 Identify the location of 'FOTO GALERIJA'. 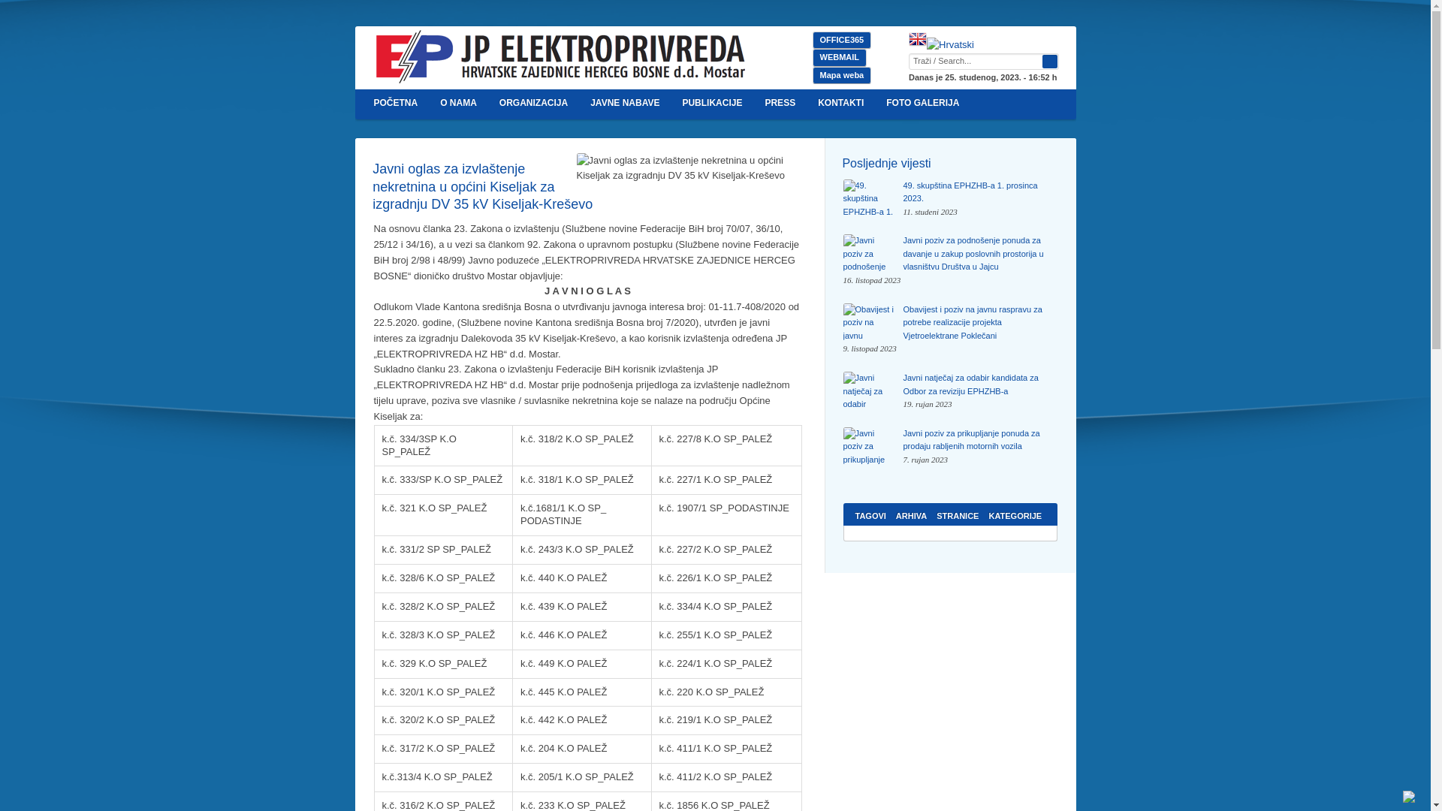
(875, 103).